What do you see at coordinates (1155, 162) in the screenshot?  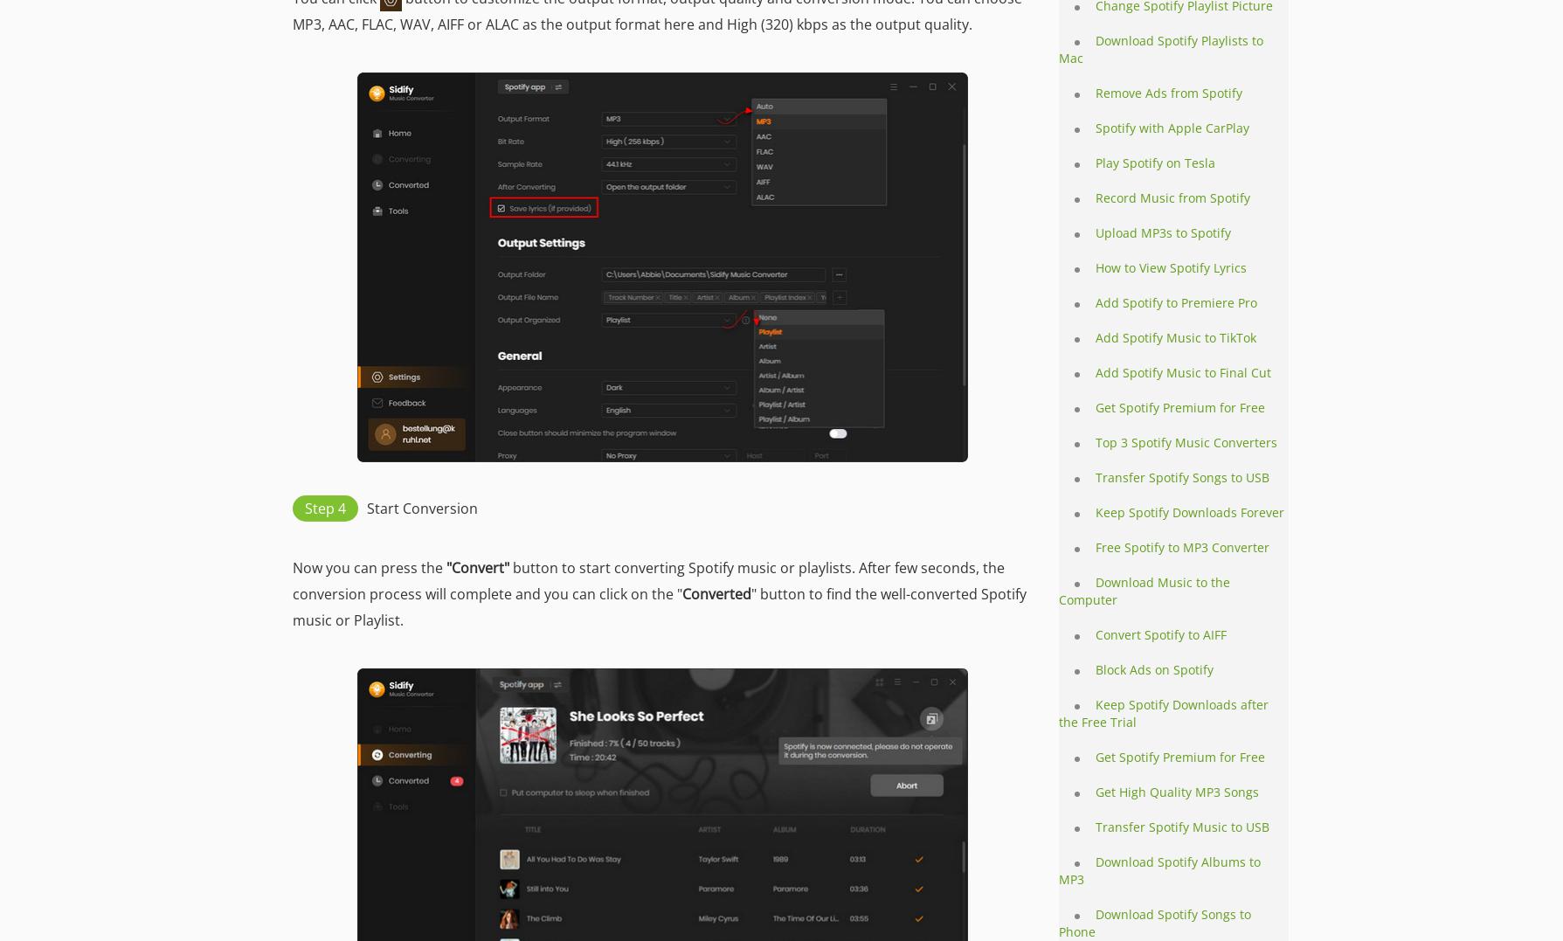 I see `'Play Spotify on Tesla'` at bounding box center [1155, 162].